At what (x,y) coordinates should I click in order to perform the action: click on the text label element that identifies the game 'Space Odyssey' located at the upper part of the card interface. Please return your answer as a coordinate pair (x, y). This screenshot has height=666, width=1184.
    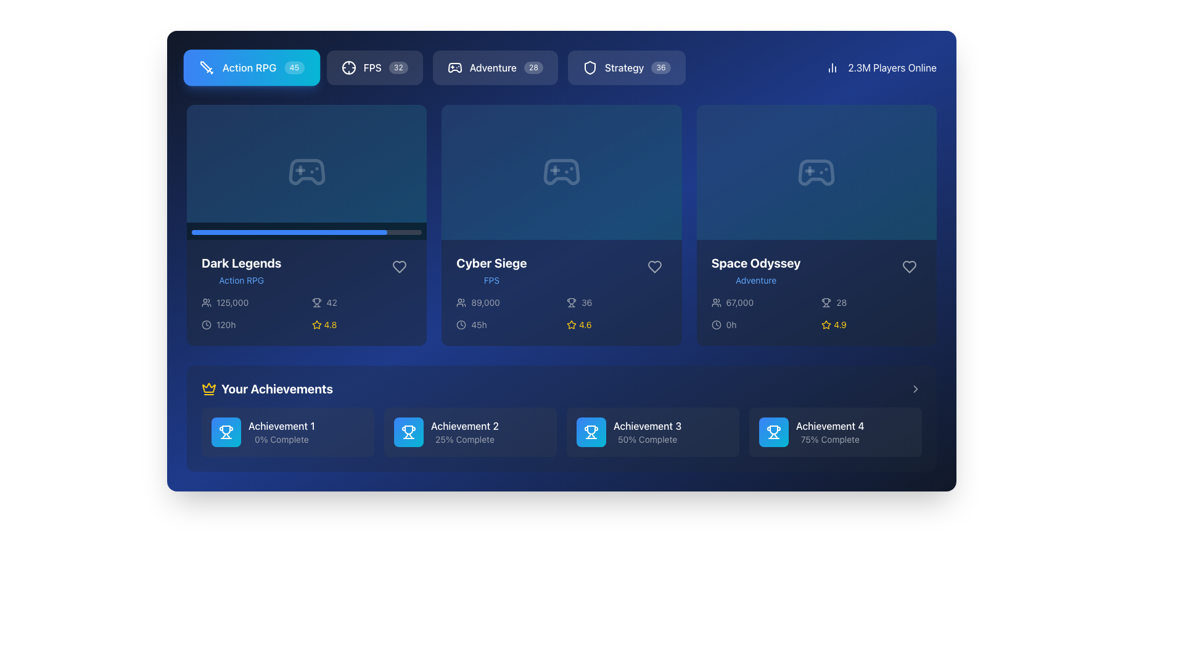
    Looking at the image, I should click on (755, 263).